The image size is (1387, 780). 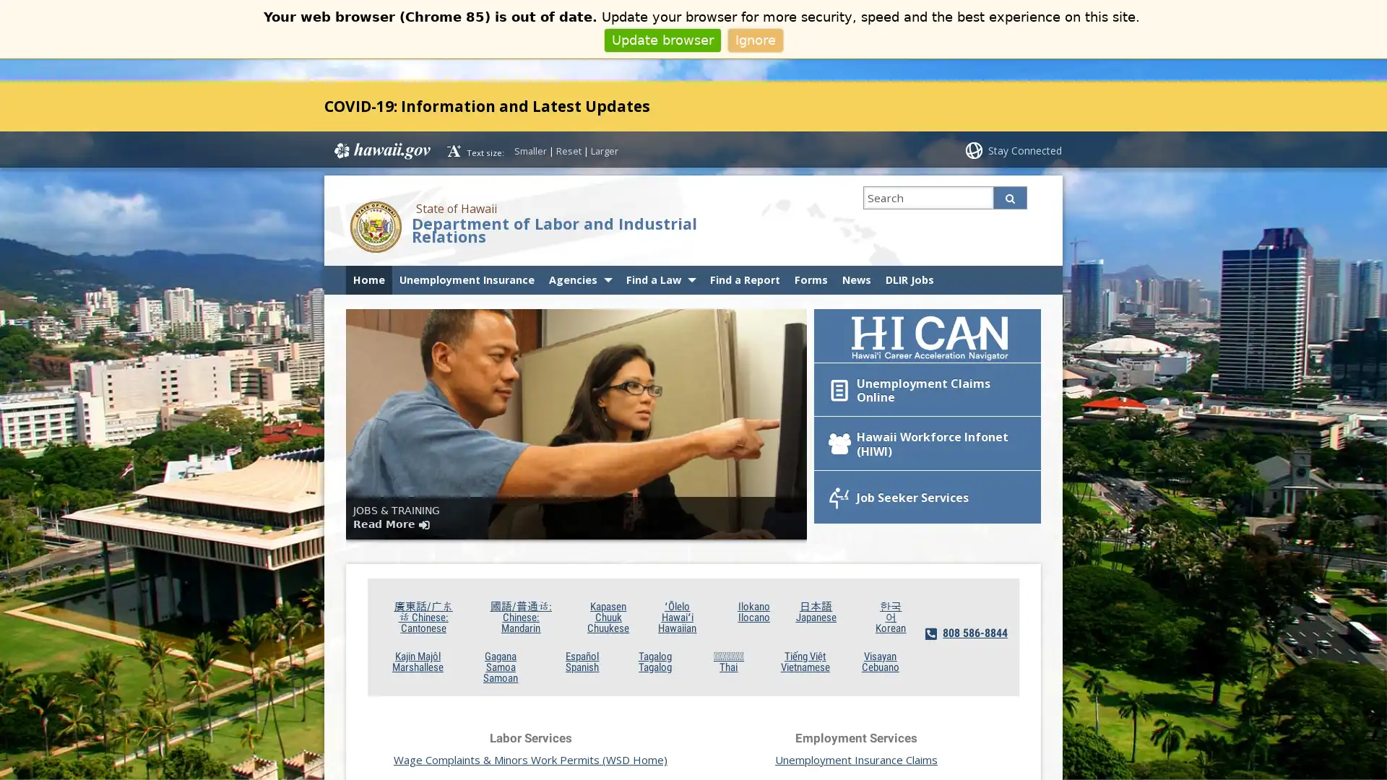 I want to click on Kajin Majol Marshallese, so click(x=417, y=668).